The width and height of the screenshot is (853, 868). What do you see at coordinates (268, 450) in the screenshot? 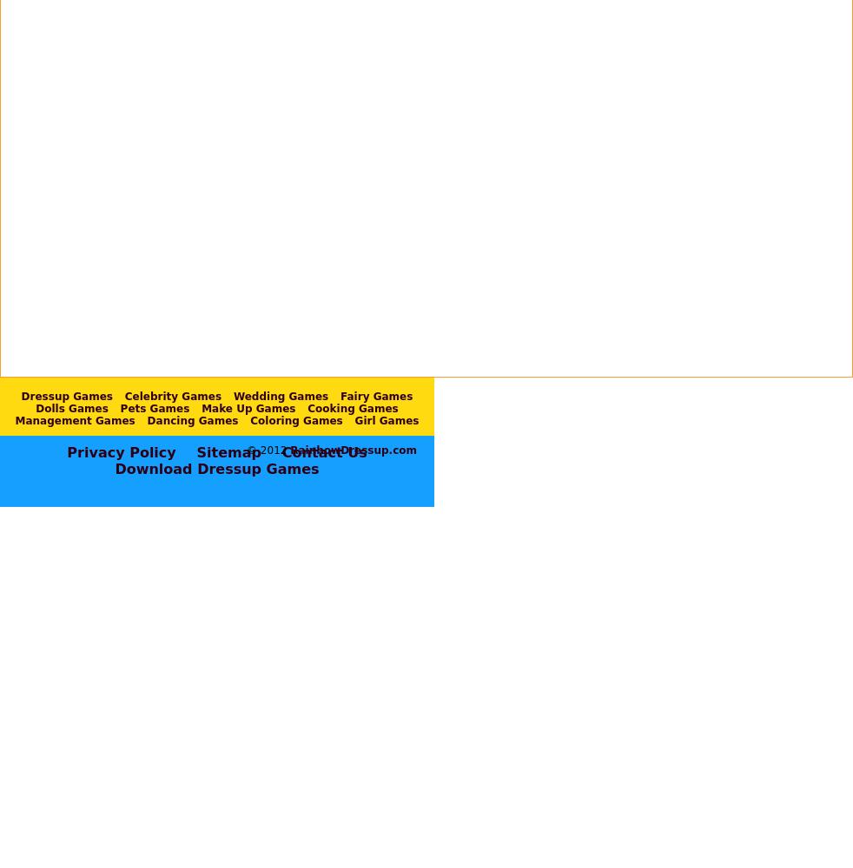
I see `'© 2012'` at bounding box center [268, 450].